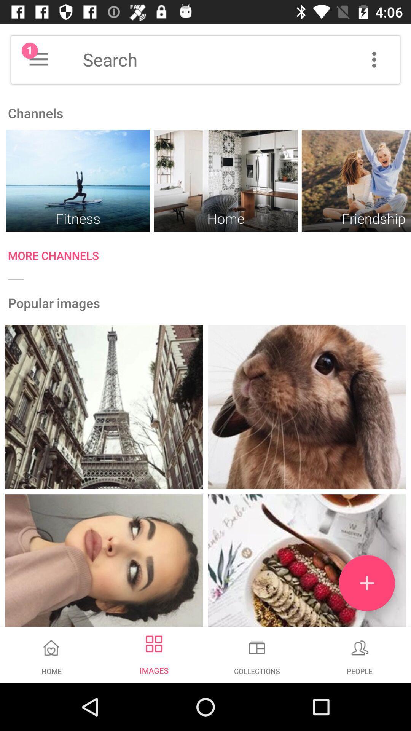 This screenshot has height=731, width=411. What do you see at coordinates (242, 59) in the screenshot?
I see `the search box` at bounding box center [242, 59].